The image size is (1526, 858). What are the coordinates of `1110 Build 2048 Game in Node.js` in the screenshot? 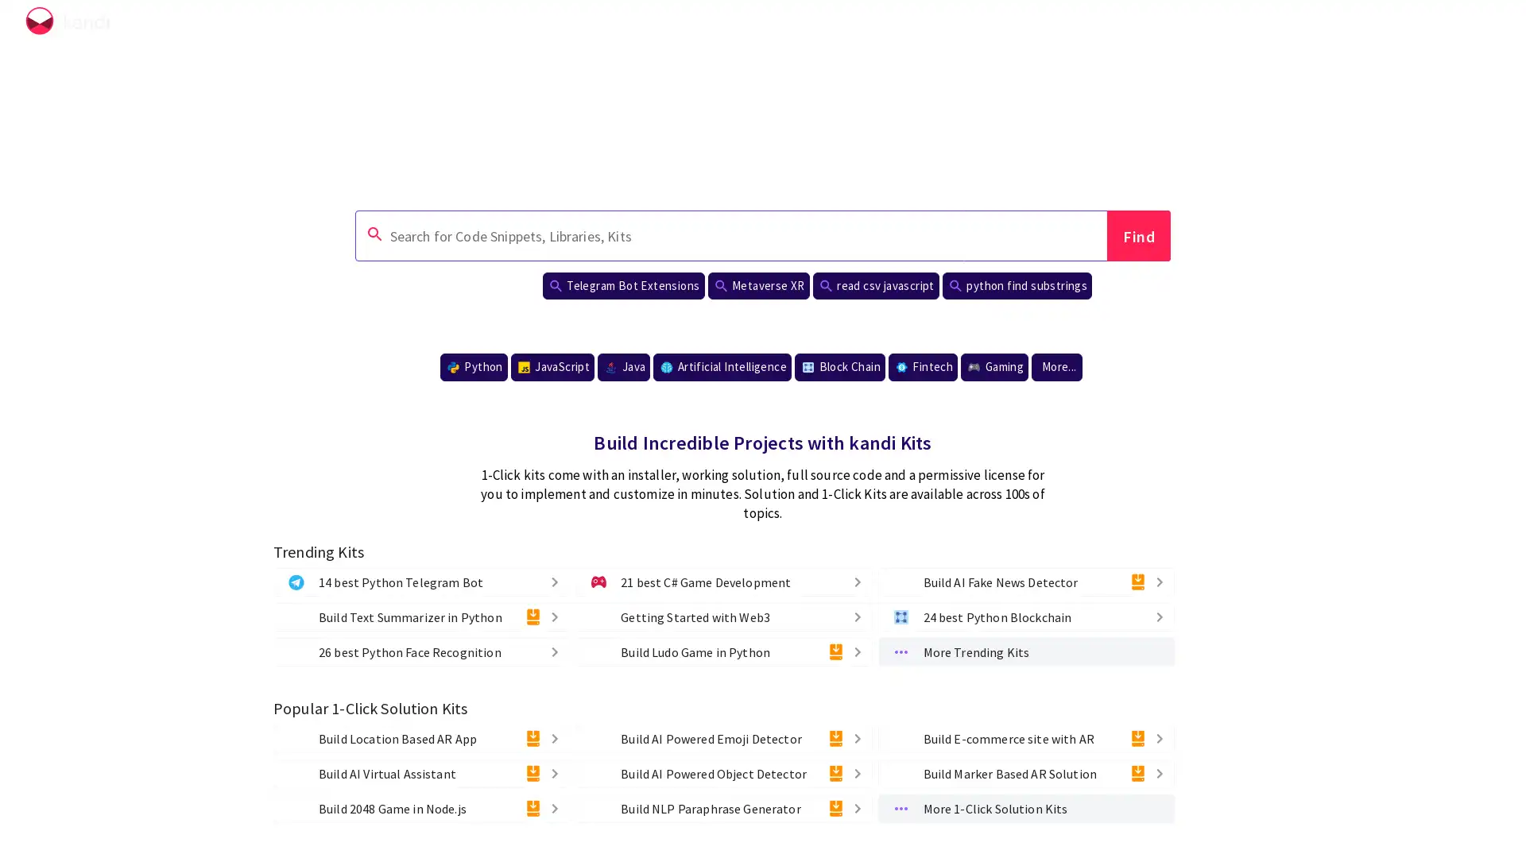 It's located at (421, 808).